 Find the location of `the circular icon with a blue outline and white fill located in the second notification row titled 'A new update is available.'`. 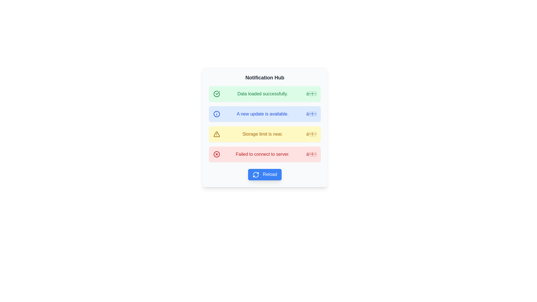

the circular icon with a blue outline and white fill located in the second notification row titled 'A new update is available.' is located at coordinates (216, 114).